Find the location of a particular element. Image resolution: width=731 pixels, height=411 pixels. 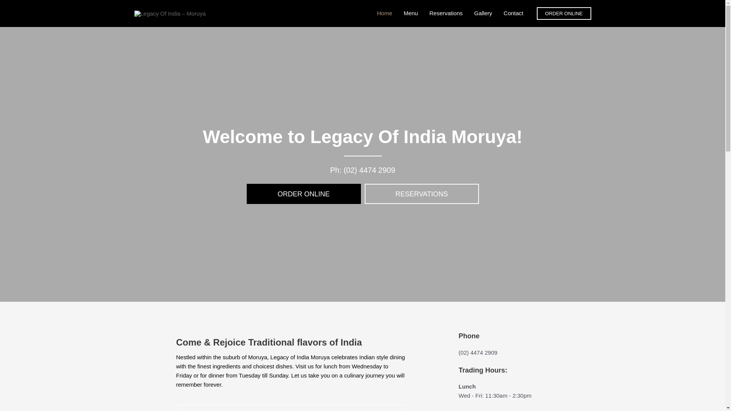

'Contact' is located at coordinates (513, 13).